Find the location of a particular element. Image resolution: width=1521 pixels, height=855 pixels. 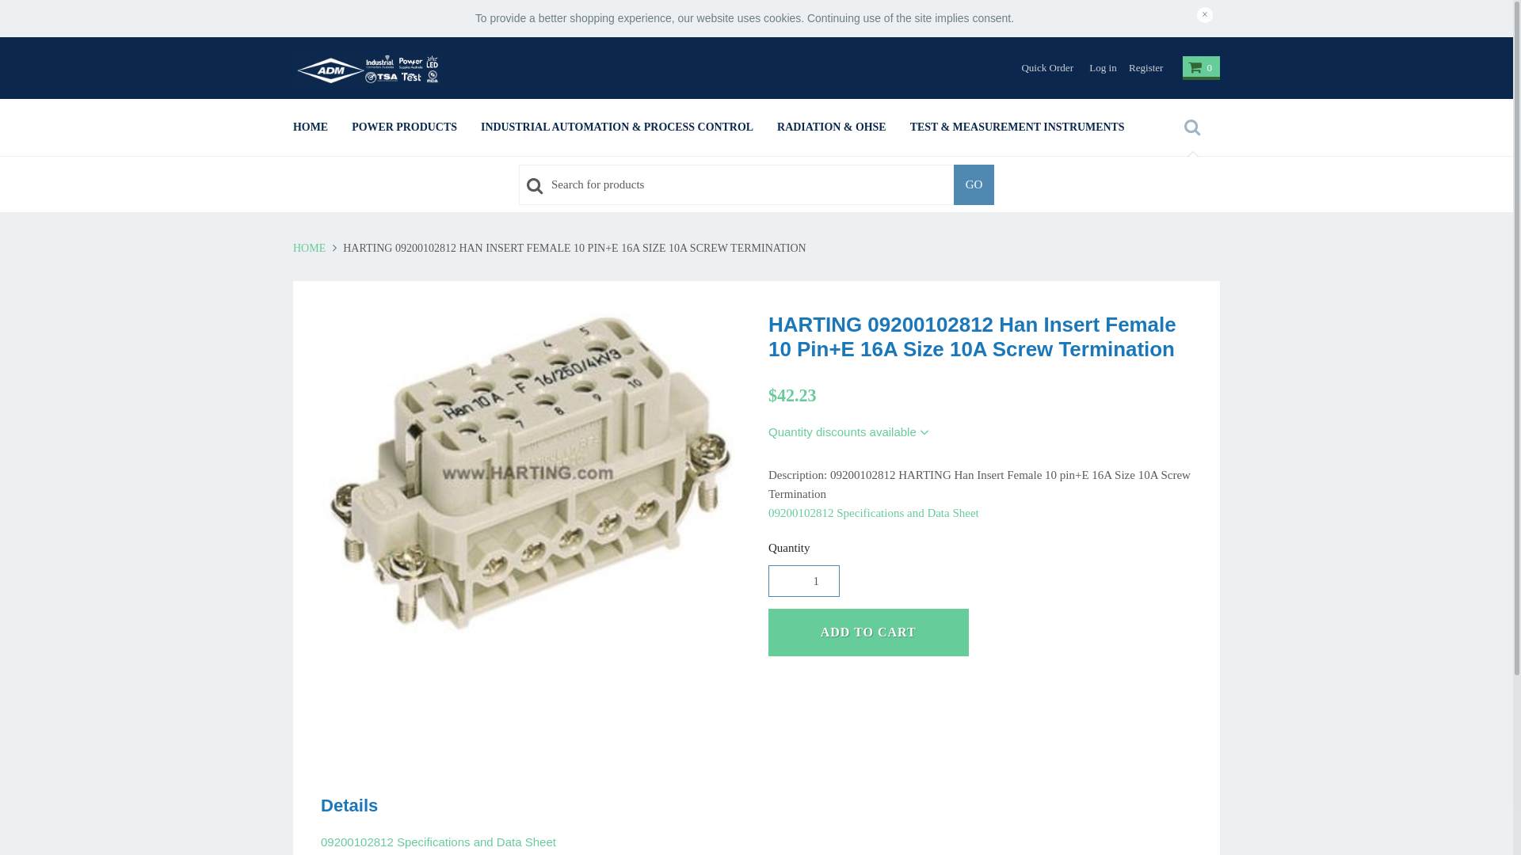

'ADM SCA' is located at coordinates (372, 69).